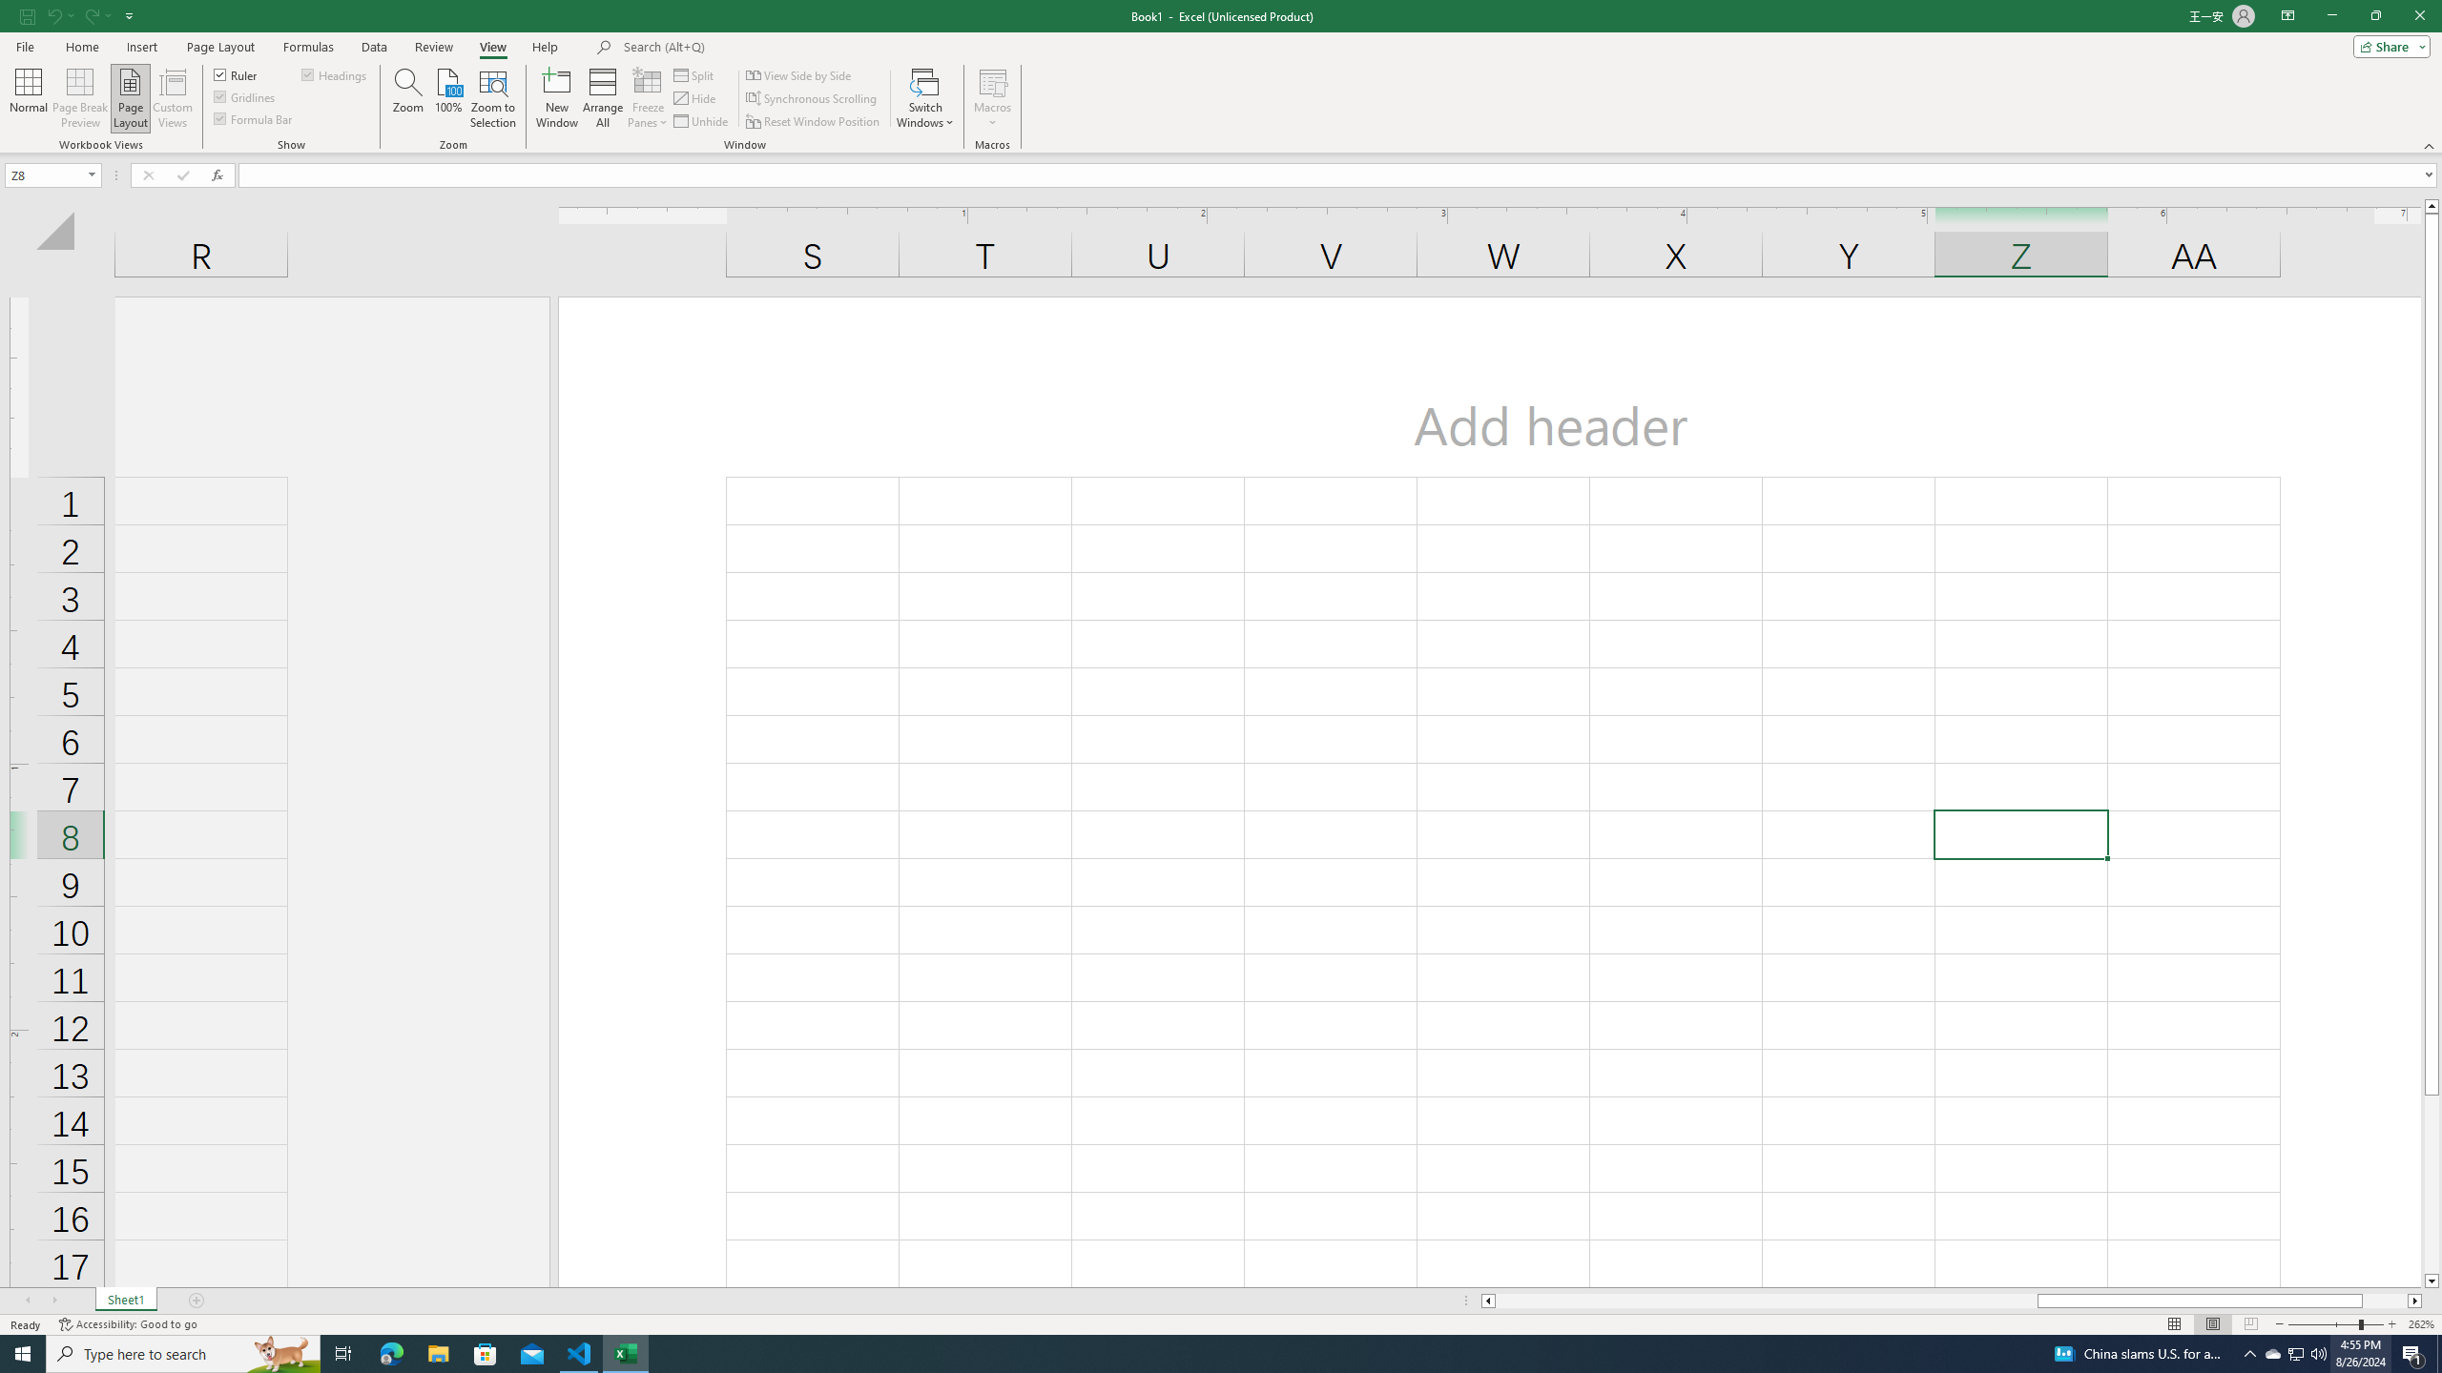  Describe the element at coordinates (647, 98) in the screenshot. I see `'Freeze Panes'` at that location.